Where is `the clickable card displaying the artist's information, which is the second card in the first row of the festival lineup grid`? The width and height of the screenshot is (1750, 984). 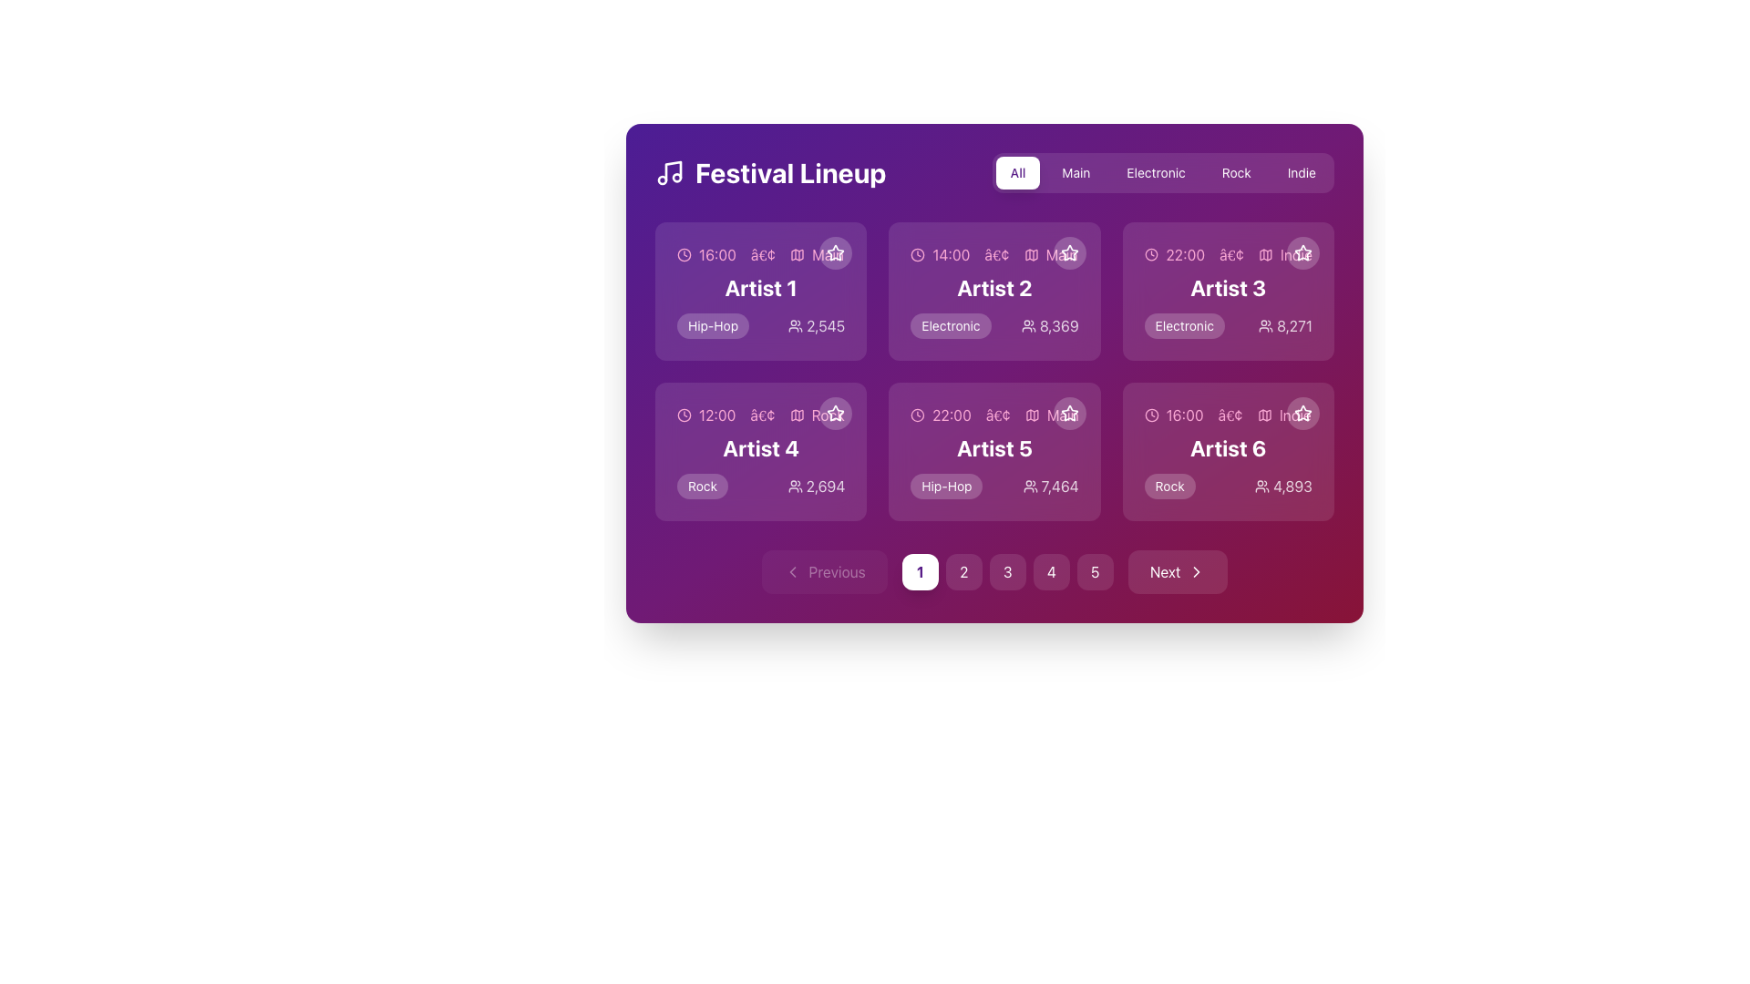
the clickable card displaying the artist's information, which is the second card in the first row of the festival lineup grid is located at coordinates (993, 291).